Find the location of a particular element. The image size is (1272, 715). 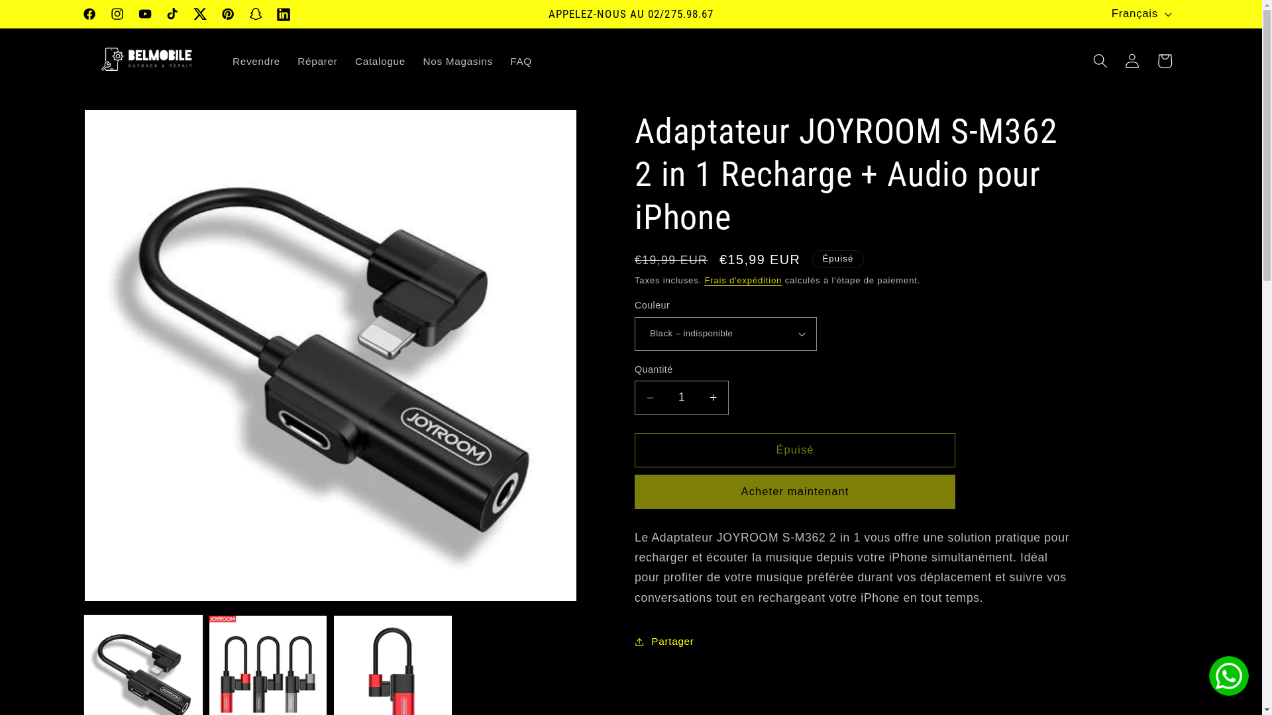

'Connexion' is located at coordinates (1131, 61).